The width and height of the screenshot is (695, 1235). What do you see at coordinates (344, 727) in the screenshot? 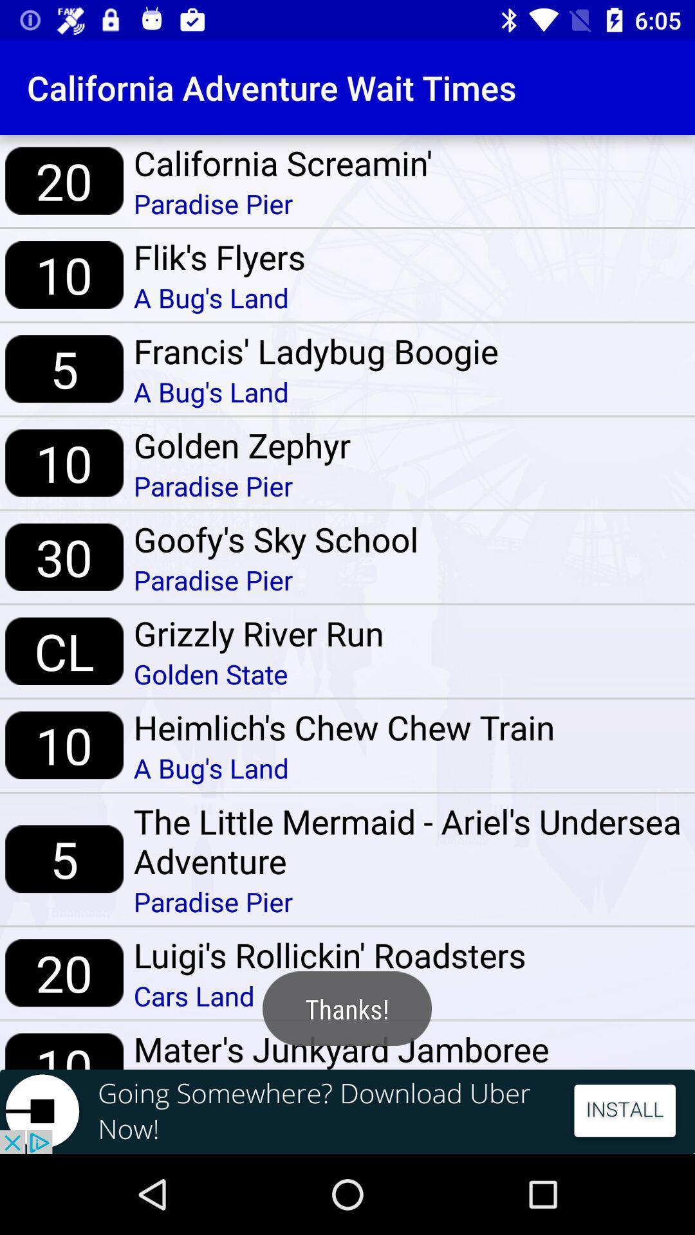
I see `heimlich s chew item` at bounding box center [344, 727].